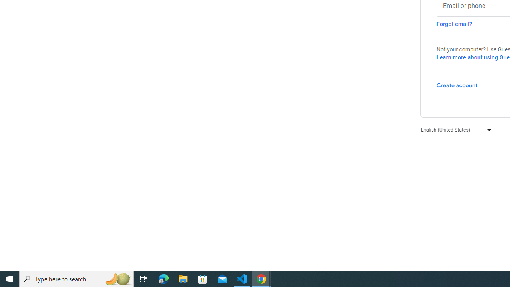 The image size is (510, 287). What do you see at coordinates (454, 24) in the screenshot?
I see `'Forgot email?'` at bounding box center [454, 24].